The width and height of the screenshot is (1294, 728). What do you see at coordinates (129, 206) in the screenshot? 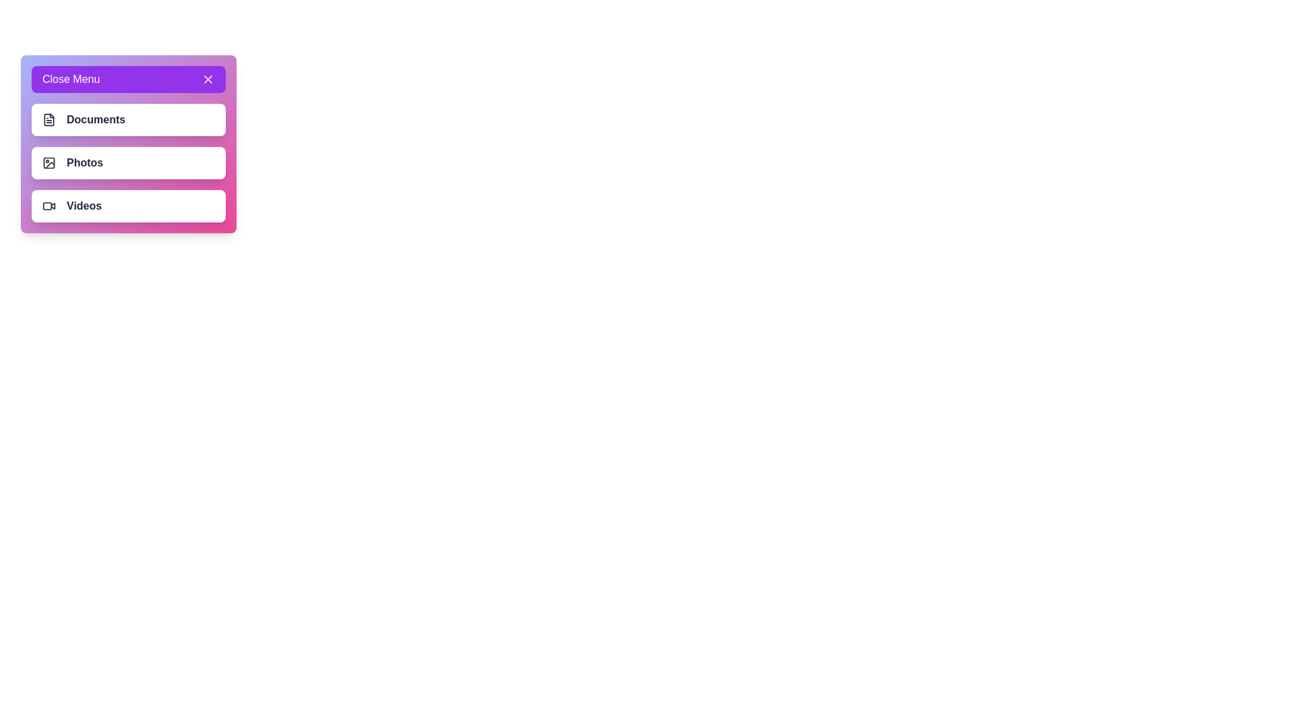
I see `the menu item Videos by clicking on it` at bounding box center [129, 206].